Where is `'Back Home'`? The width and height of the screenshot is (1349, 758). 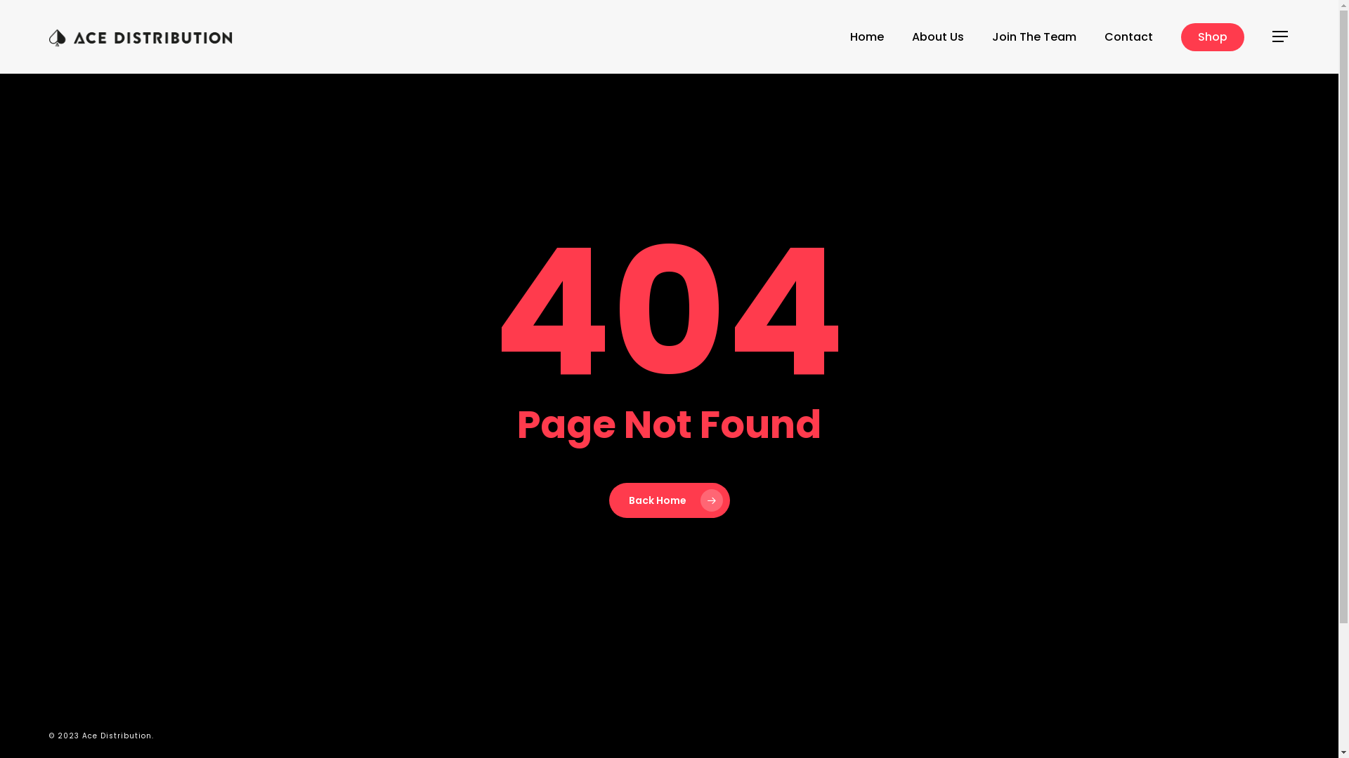 'Back Home' is located at coordinates (667, 500).